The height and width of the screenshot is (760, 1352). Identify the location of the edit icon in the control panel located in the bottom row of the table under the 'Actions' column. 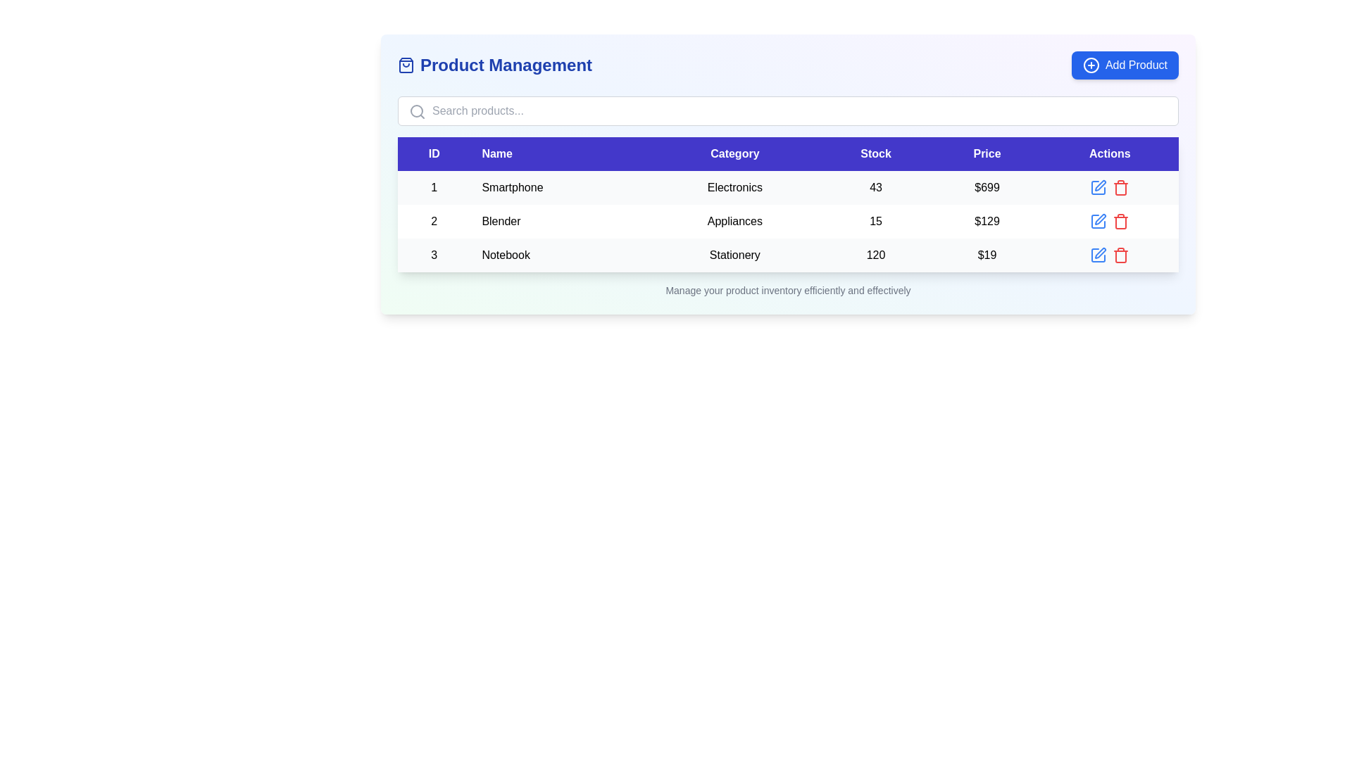
(1109, 255).